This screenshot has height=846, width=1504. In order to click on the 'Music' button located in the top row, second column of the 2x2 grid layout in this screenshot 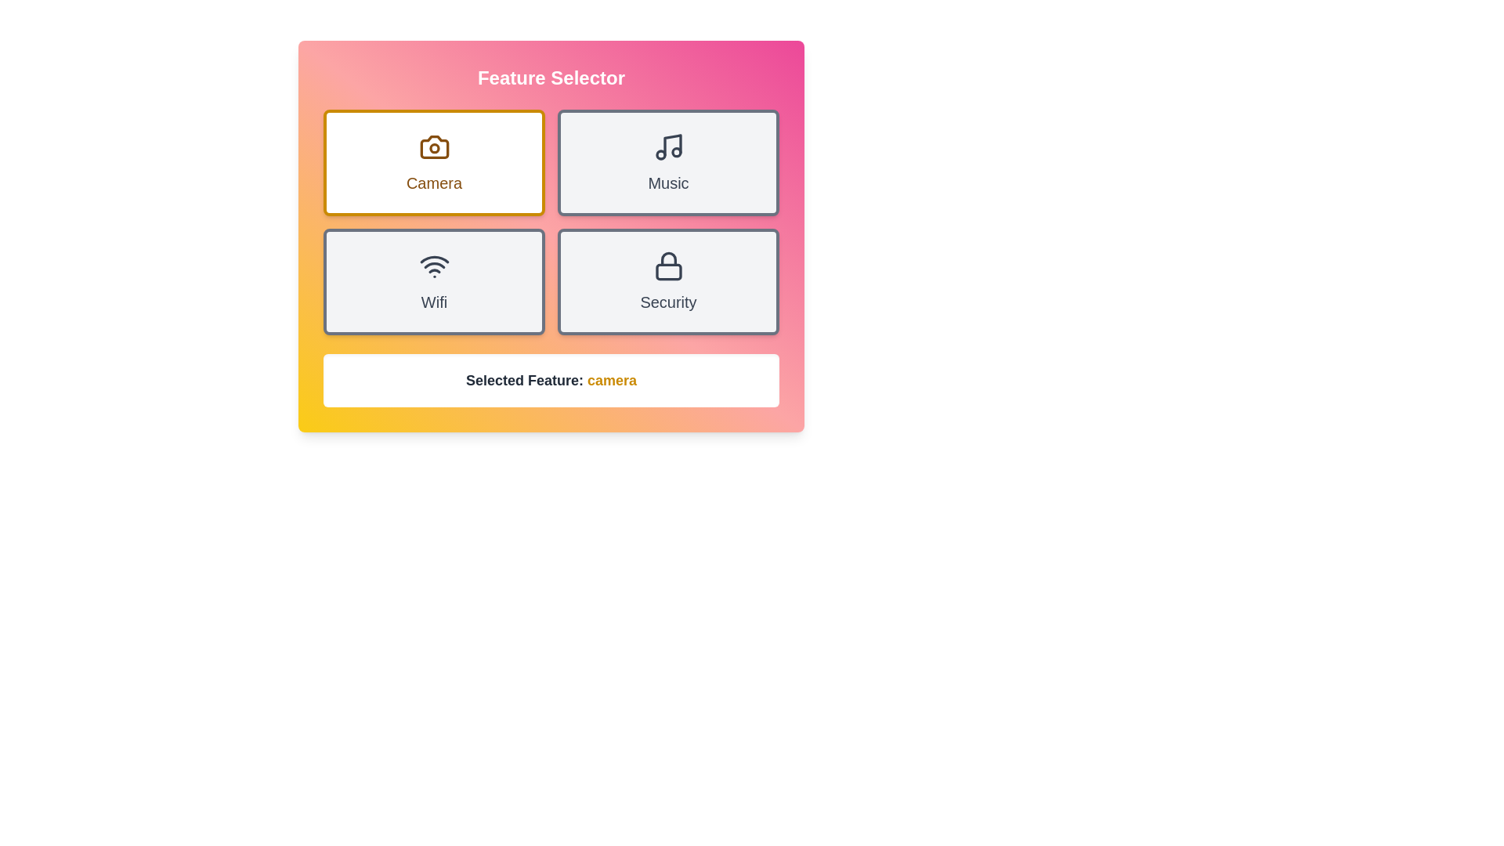, I will do `click(668, 163)`.